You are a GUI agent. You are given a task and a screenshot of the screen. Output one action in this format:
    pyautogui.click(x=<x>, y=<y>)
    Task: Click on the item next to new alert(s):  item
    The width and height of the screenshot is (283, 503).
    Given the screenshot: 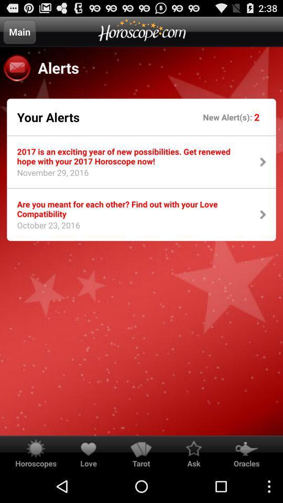 What is the action you would take?
    pyautogui.click(x=48, y=117)
    